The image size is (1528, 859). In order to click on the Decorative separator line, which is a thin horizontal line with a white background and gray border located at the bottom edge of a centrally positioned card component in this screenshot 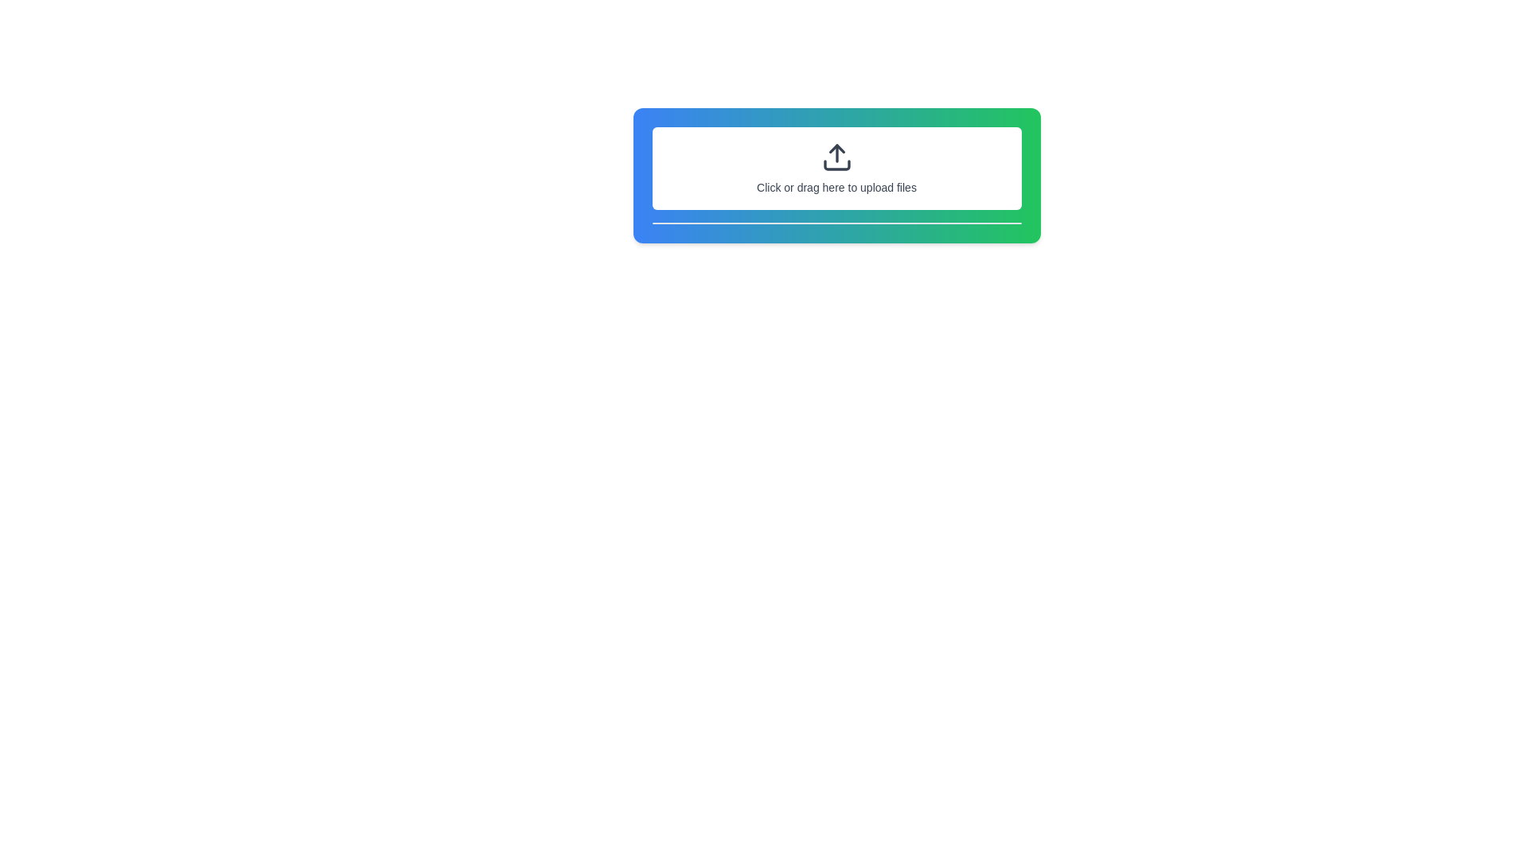, I will do `click(836, 223)`.